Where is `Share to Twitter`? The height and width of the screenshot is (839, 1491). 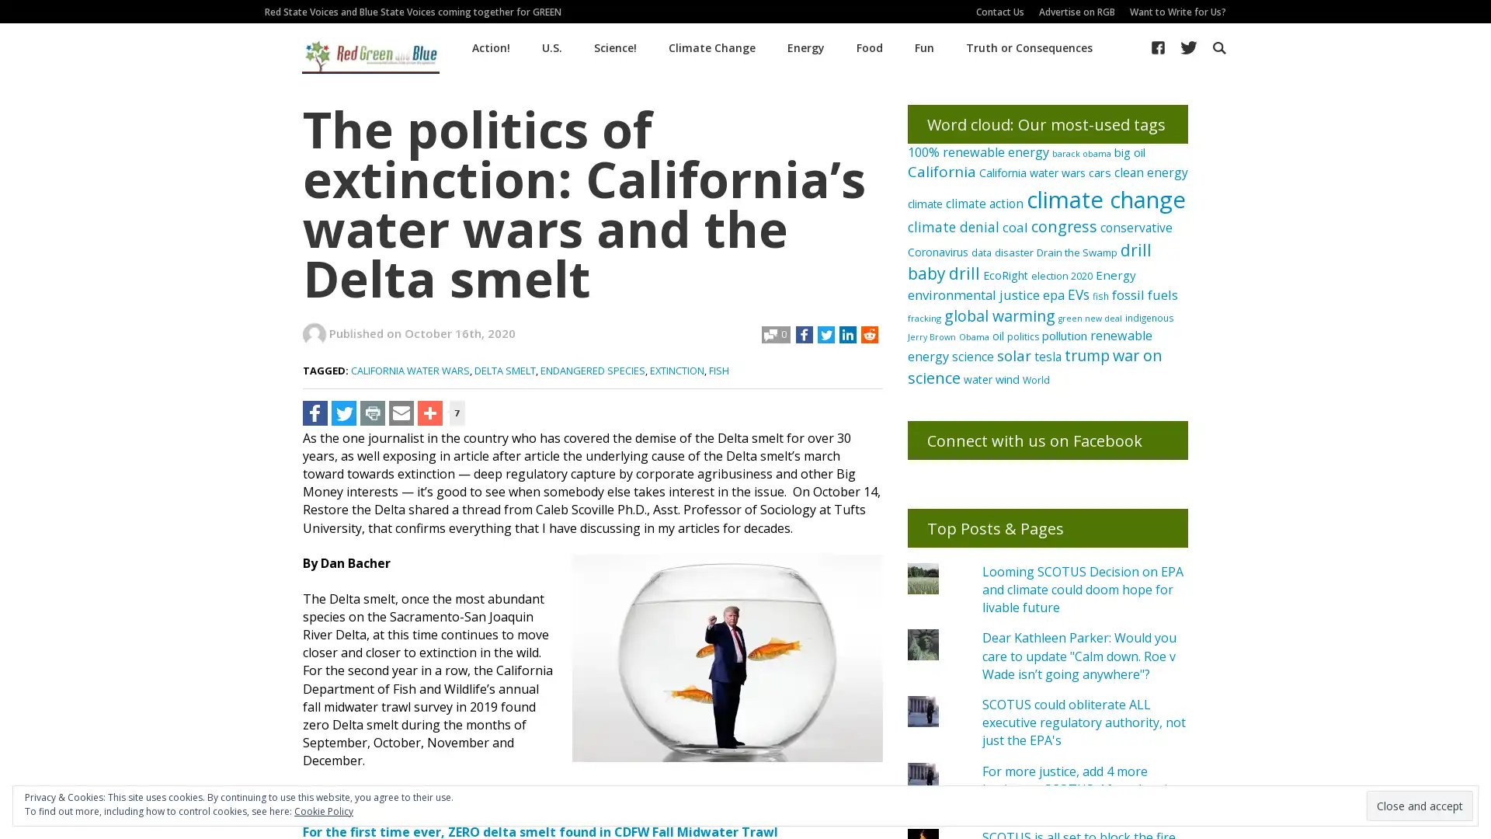 Share to Twitter is located at coordinates (342, 412).